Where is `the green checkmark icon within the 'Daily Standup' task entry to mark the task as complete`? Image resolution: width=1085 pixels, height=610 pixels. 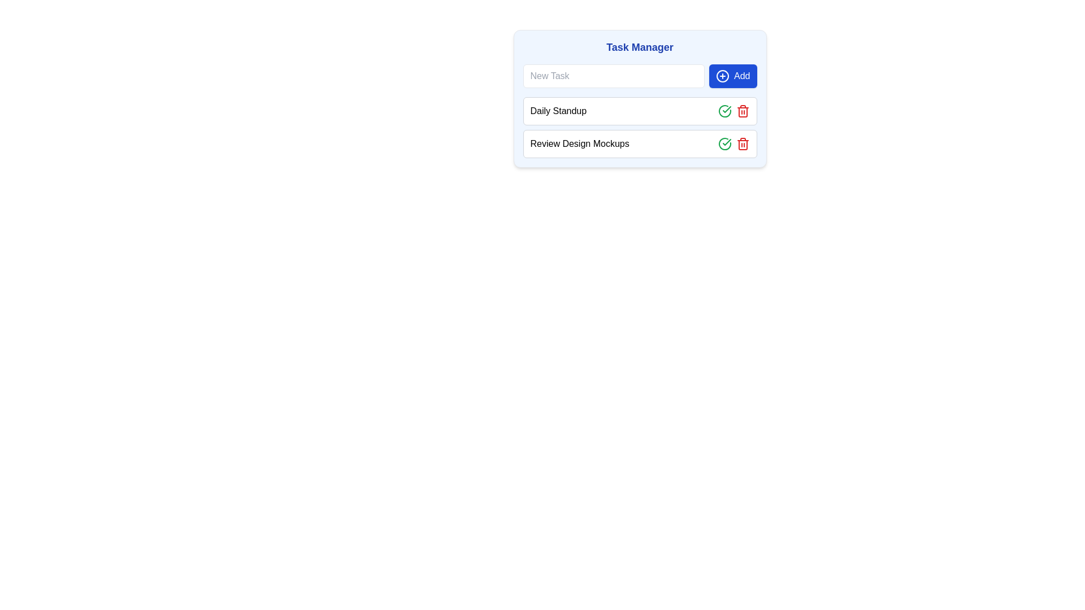 the green checkmark icon within the 'Daily Standup' task entry to mark the task as complete is located at coordinates (734, 111).